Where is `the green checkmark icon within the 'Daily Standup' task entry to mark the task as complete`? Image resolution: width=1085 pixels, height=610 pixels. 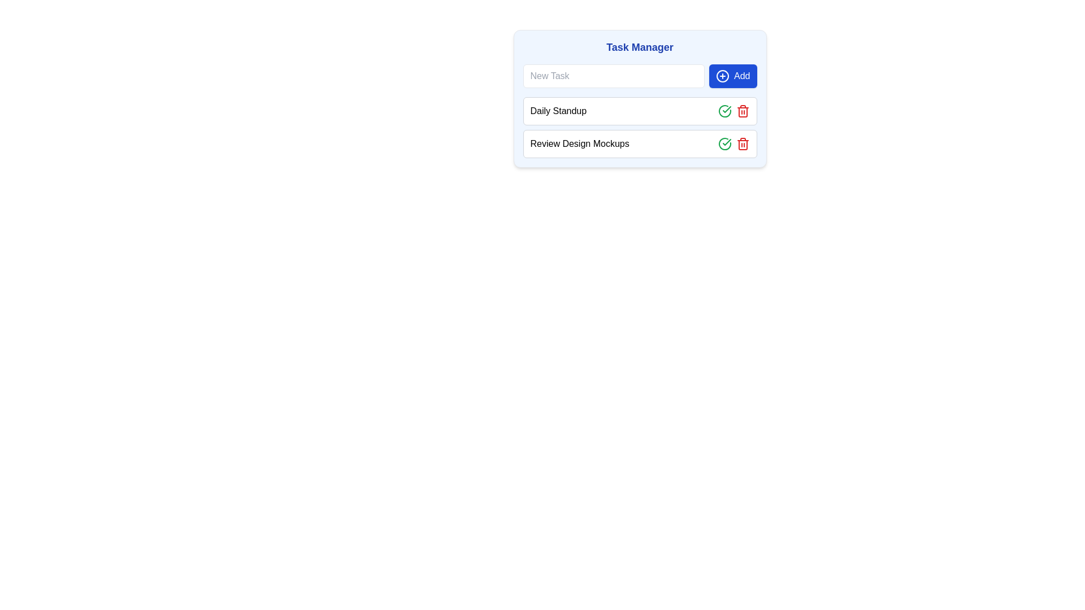 the green checkmark icon within the 'Daily Standup' task entry to mark the task as complete is located at coordinates (734, 111).